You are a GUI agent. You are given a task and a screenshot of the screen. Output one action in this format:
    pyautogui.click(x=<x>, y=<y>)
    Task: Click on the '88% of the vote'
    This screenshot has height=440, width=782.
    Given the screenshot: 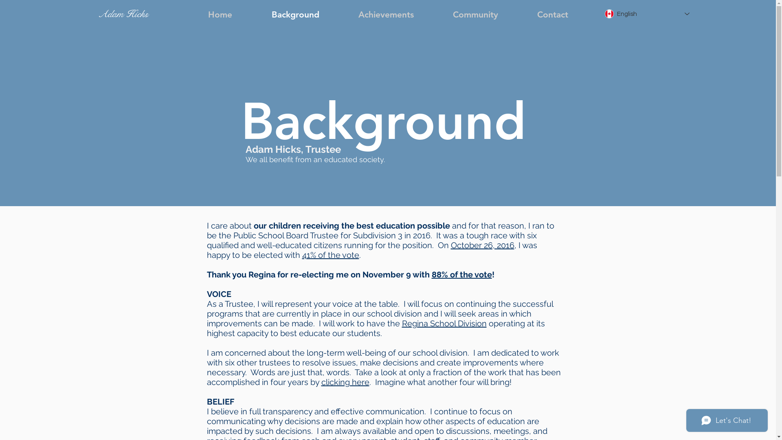 What is the action you would take?
    pyautogui.click(x=431, y=275)
    